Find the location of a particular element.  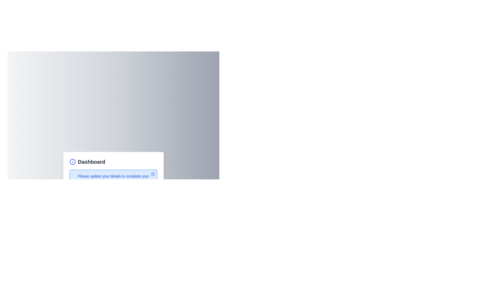

the primary outer circle of the icon located at the top-left of the card near the heading 'Dashboard' is located at coordinates (72, 162).